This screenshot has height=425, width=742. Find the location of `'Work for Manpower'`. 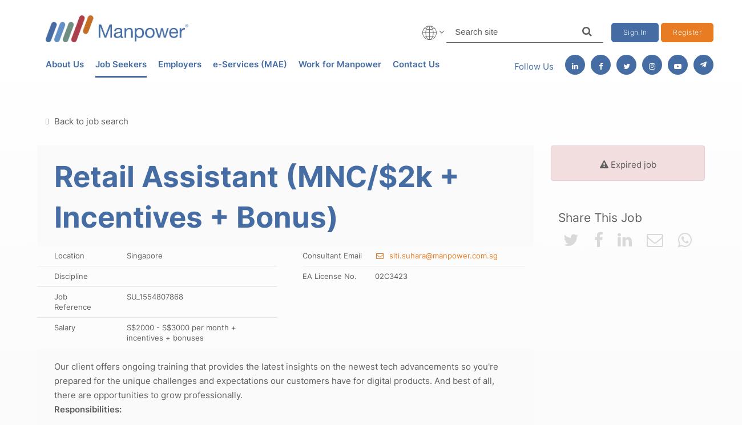

'Work for Manpower' is located at coordinates (339, 63).